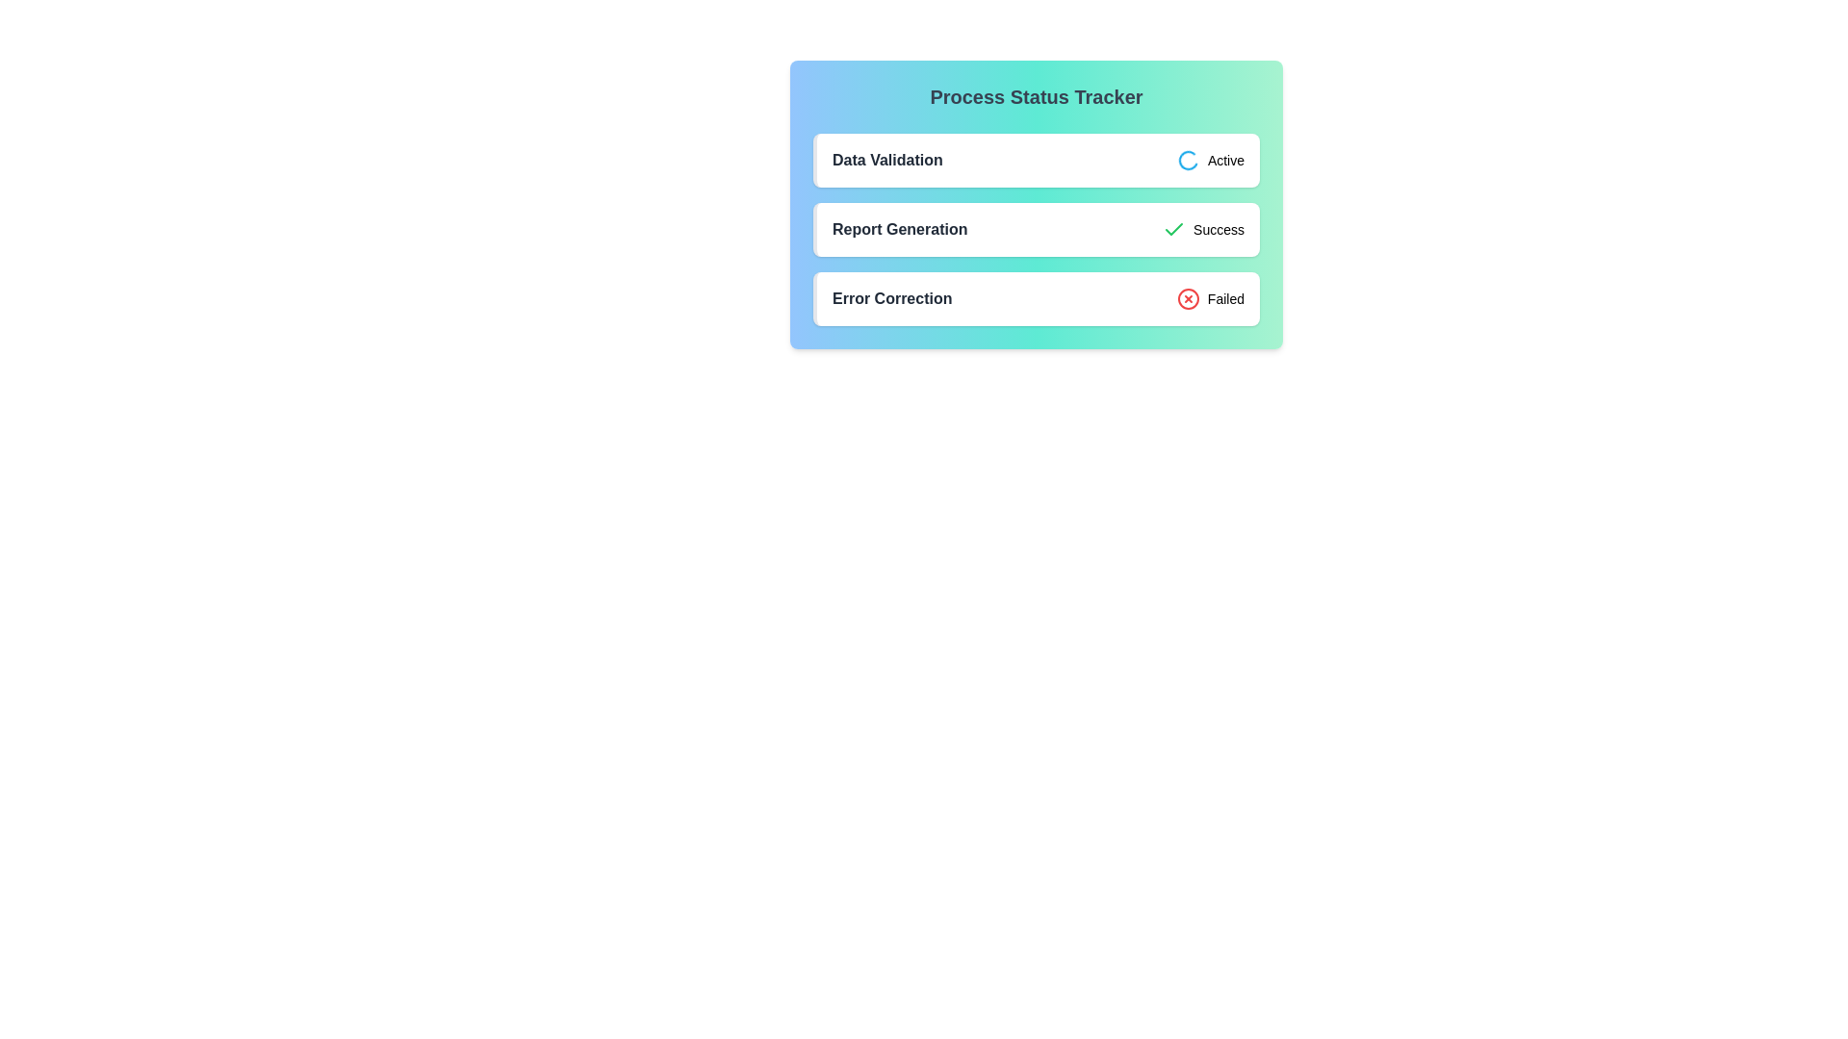 This screenshot has width=1848, height=1039. What do you see at coordinates (1173, 229) in the screenshot?
I see `the checkmark icon that indicates the successful completion of the 'Report Generation' process, located immediately to the right of the 'Report Generation' label` at bounding box center [1173, 229].